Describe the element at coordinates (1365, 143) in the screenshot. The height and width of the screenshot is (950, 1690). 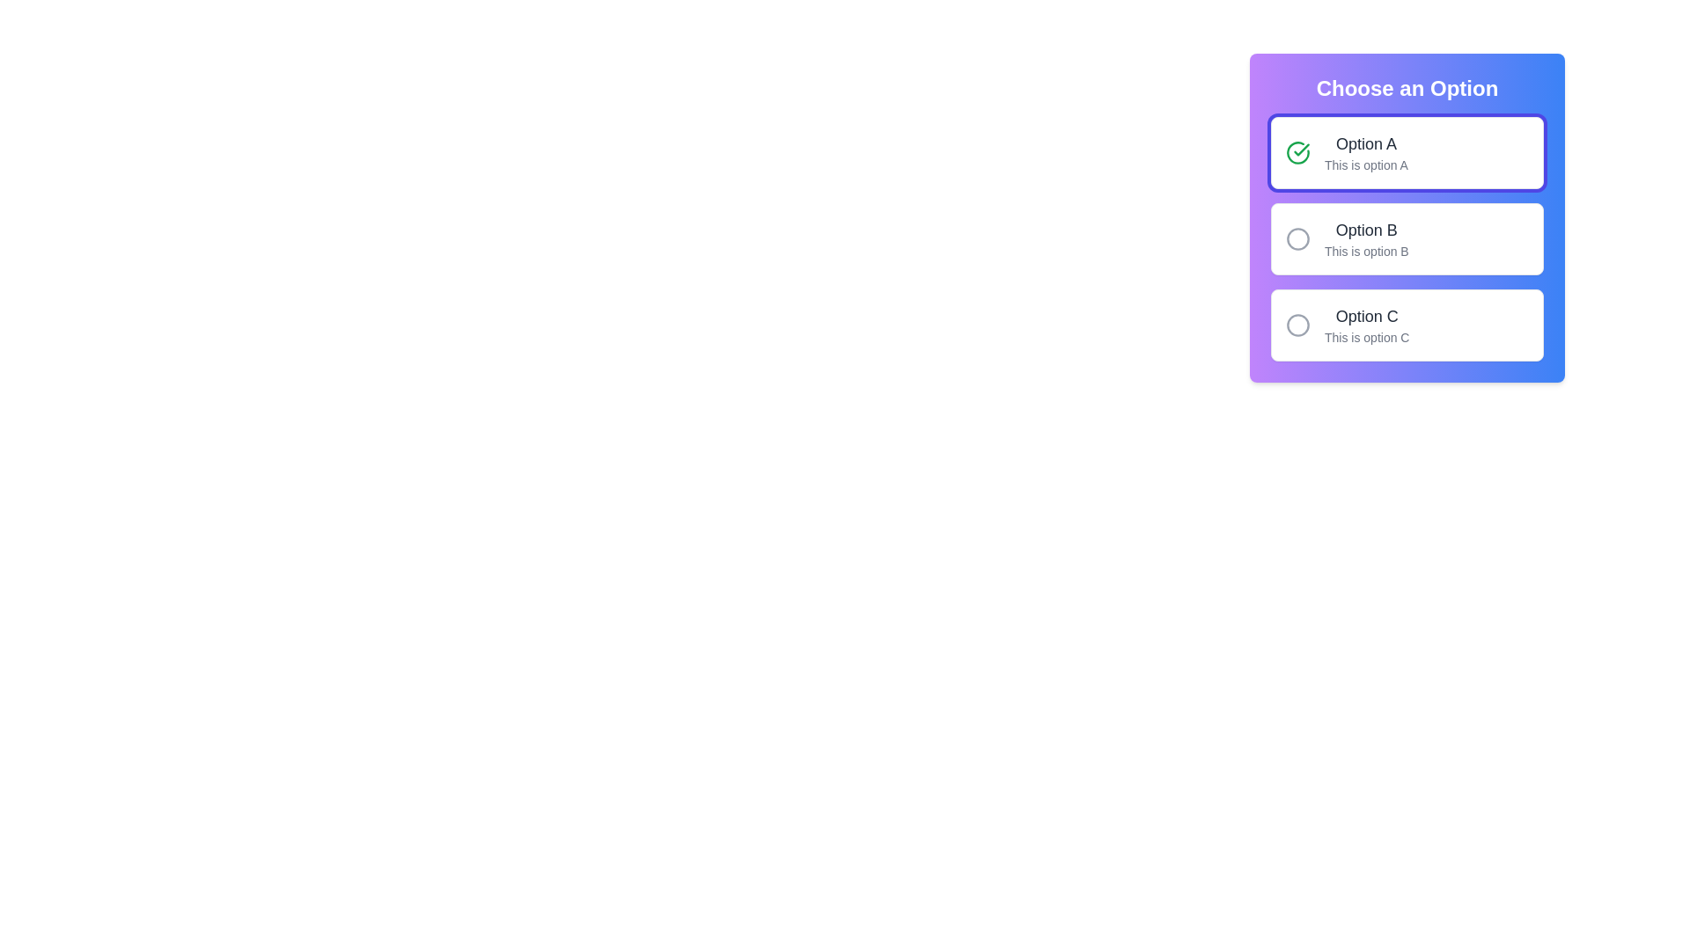
I see `the text label reading 'Option A', which is styled with a large font size and dark gray color, located in the upper left corner of the first list item under the title 'Choose an Option'` at that location.